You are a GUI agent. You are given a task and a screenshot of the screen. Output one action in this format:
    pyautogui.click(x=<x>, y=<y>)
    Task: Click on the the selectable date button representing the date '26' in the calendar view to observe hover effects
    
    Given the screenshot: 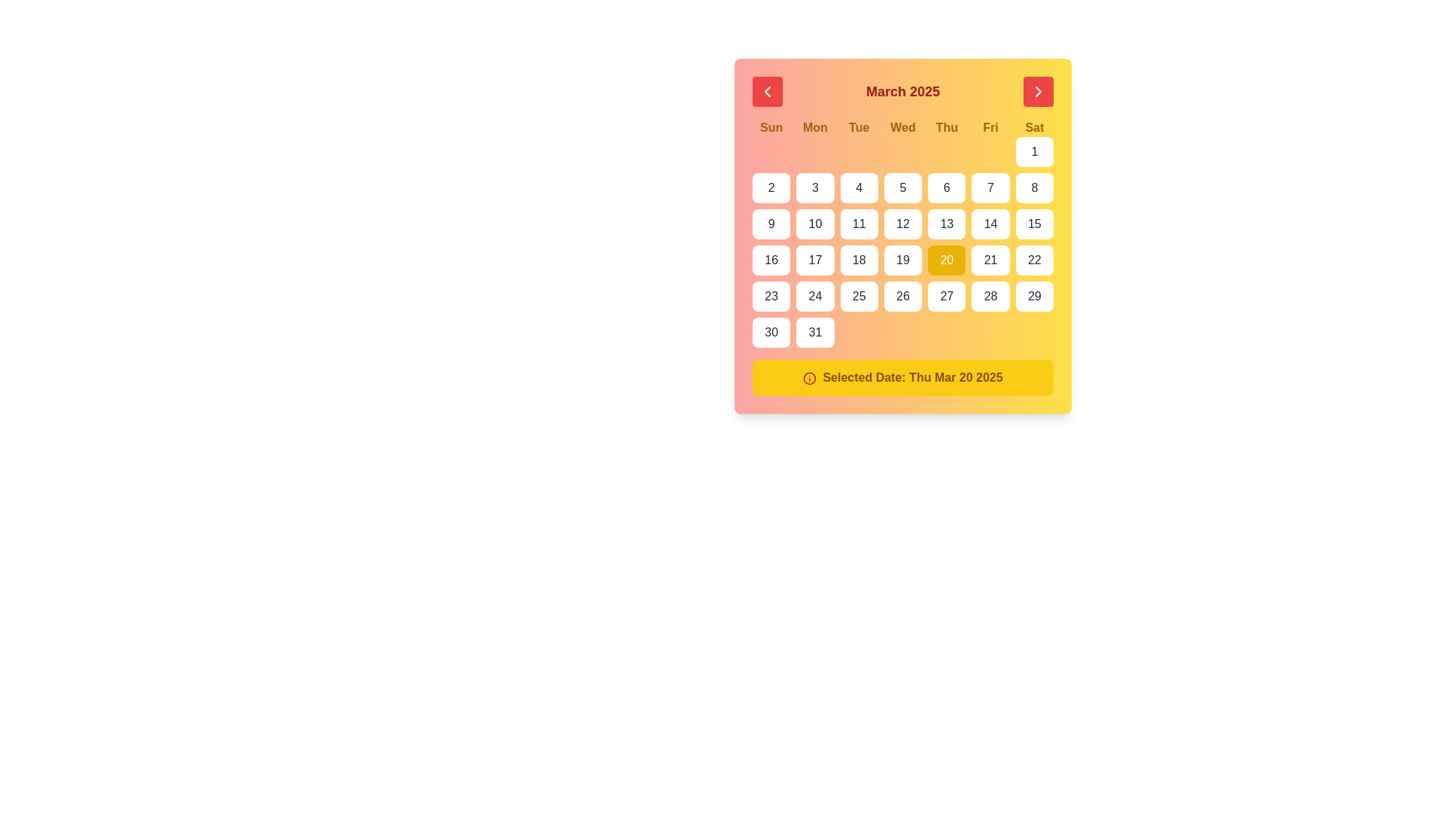 What is the action you would take?
    pyautogui.click(x=903, y=296)
    